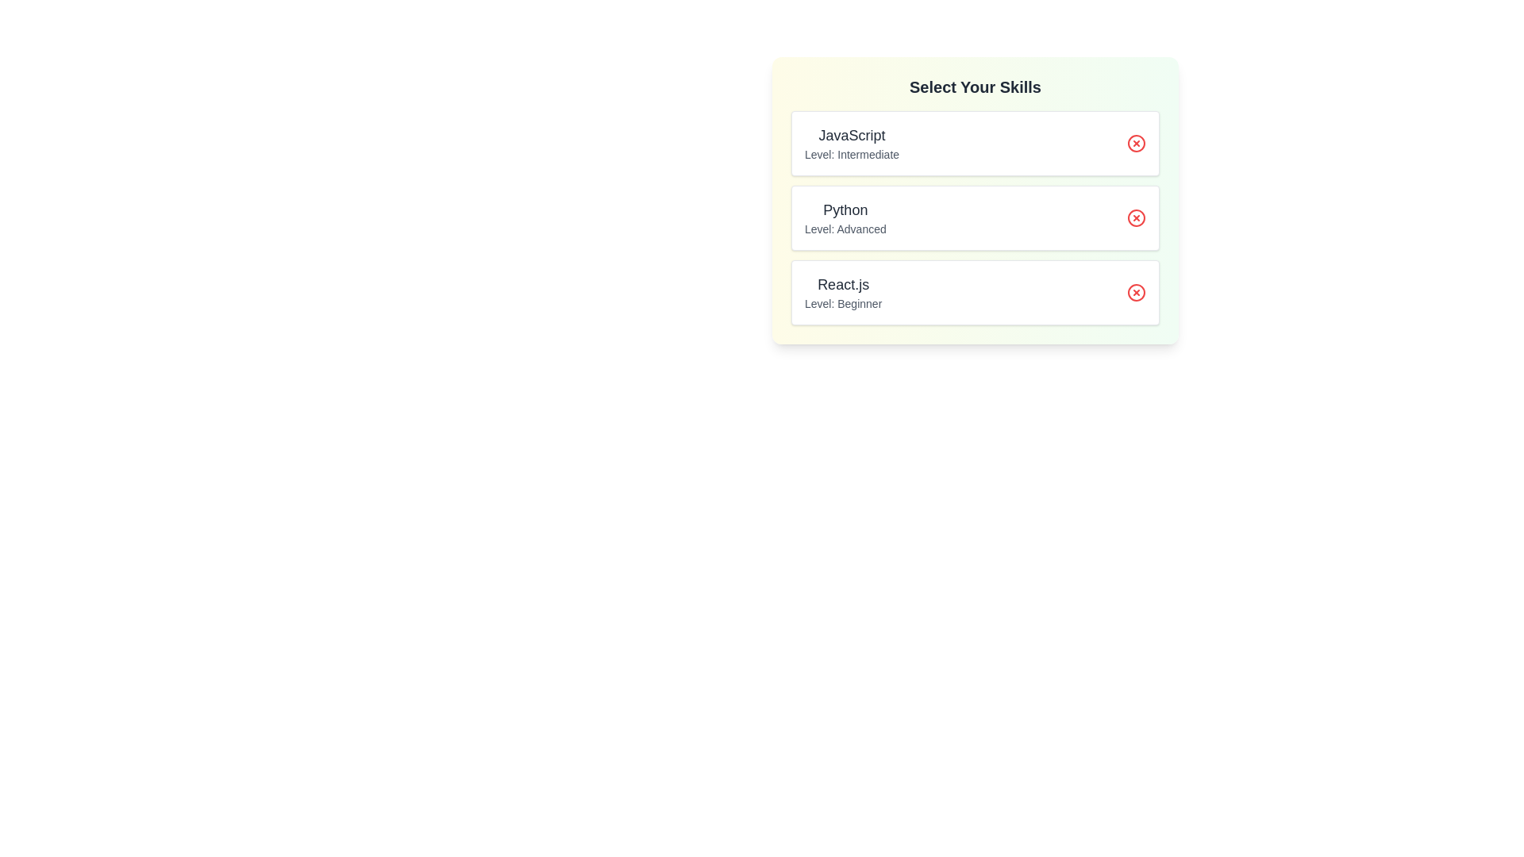  What do you see at coordinates (804, 124) in the screenshot?
I see `the text of the skill entry JavaScript` at bounding box center [804, 124].